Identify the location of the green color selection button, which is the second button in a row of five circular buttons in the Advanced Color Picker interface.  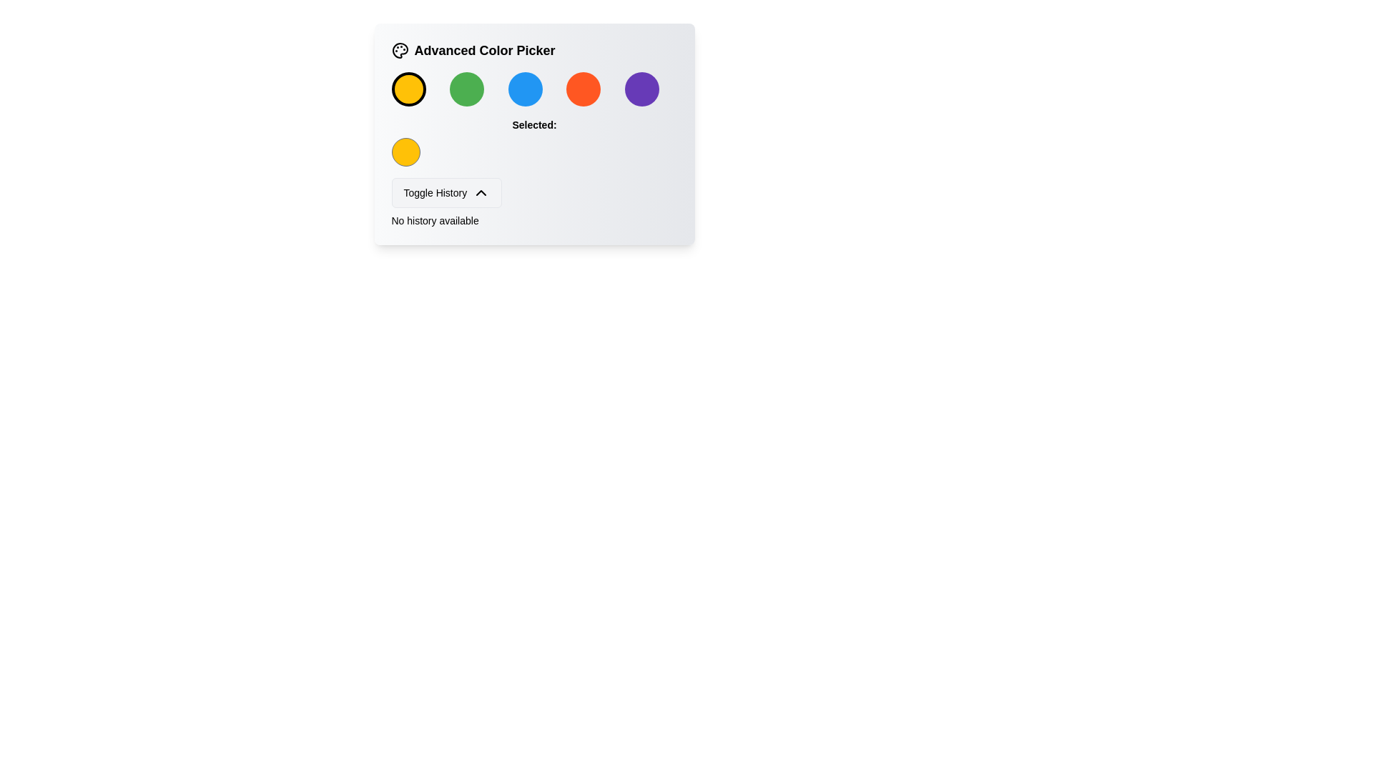
(467, 89).